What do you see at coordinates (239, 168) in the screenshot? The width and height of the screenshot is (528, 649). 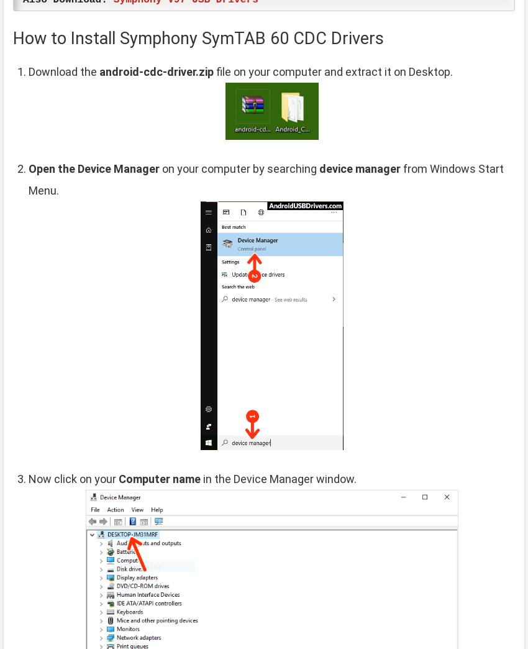 I see `'on your computer by searching'` at bounding box center [239, 168].